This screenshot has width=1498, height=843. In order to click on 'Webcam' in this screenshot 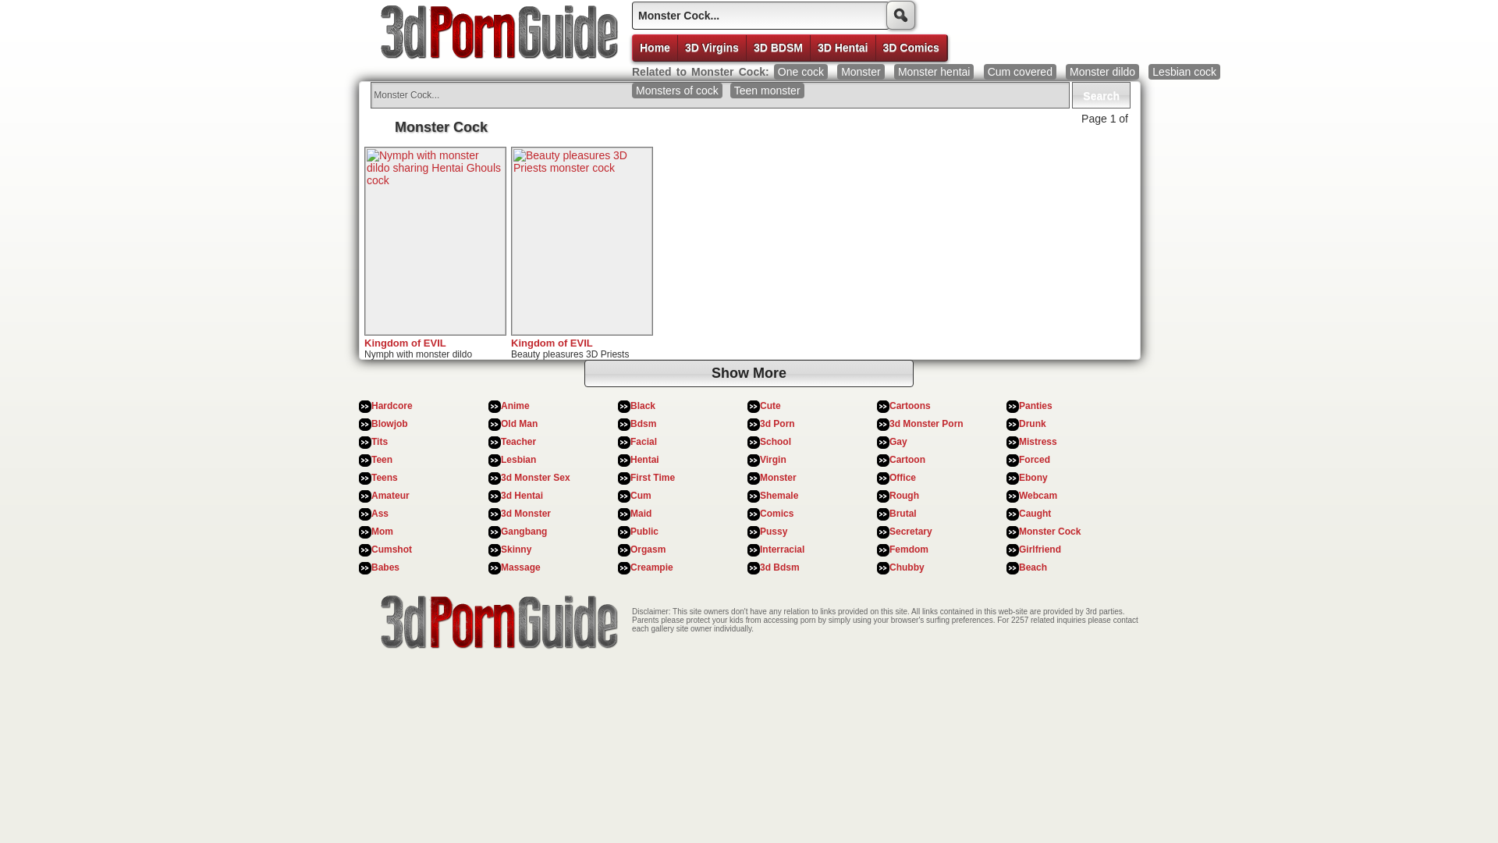, I will do `click(1018, 496)`.